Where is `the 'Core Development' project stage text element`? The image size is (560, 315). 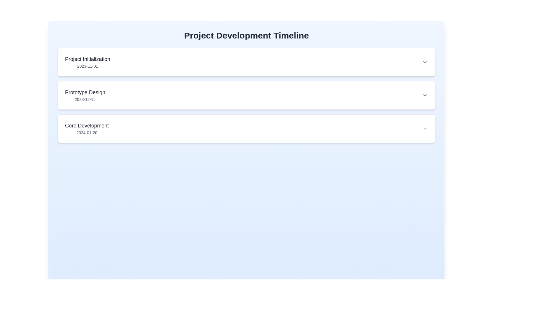 the 'Core Development' project stage text element is located at coordinates (86, 128).